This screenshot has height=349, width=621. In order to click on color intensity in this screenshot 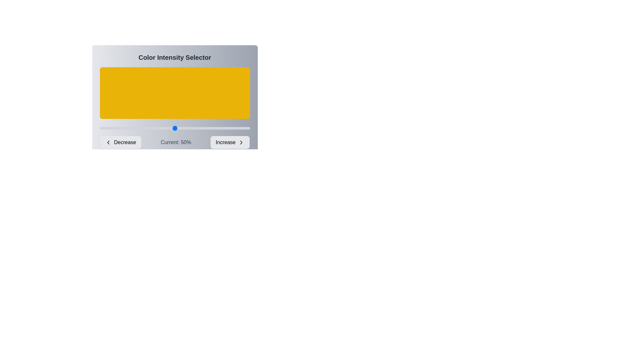, I will do `click(121, 128)`.